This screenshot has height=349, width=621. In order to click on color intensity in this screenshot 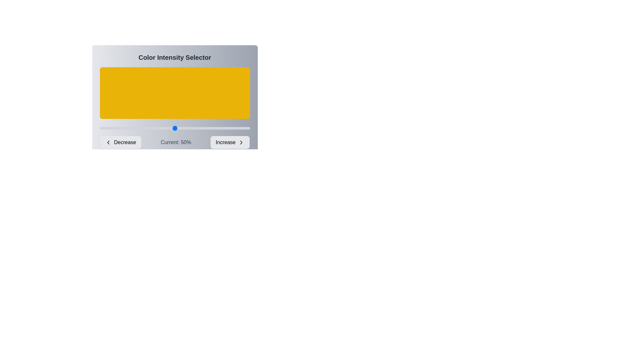, I will do `click(121, 128)`.